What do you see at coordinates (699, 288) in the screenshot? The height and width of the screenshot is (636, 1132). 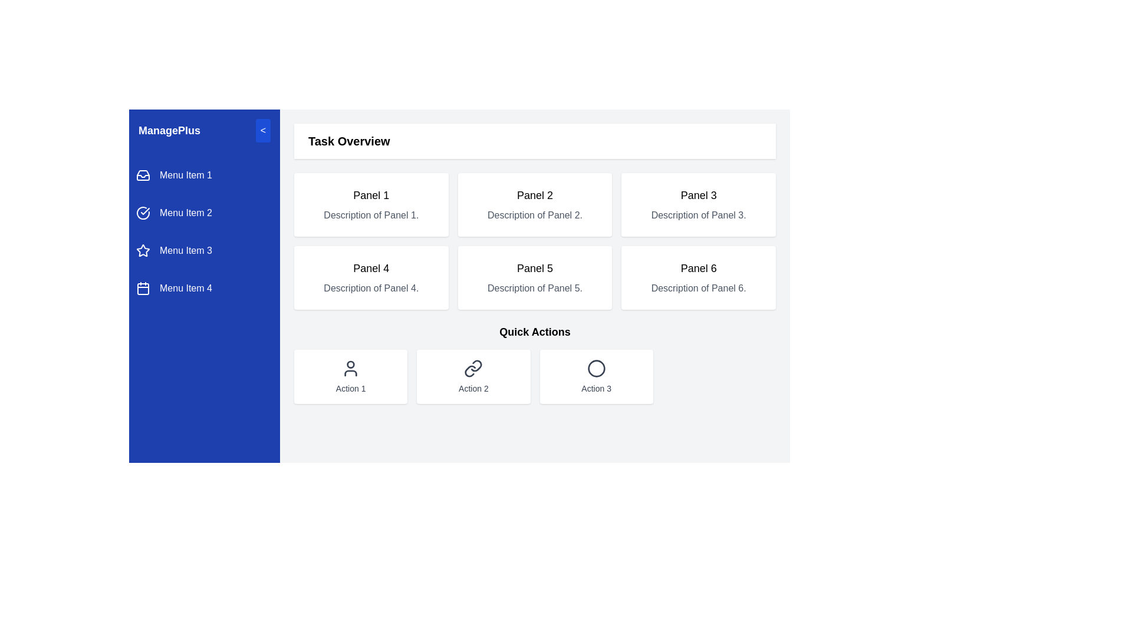 I see `the text component displaying 'Description of Panel 6.' in gray font, located below the heading 'Panel 6' in the bottom-right corner of the grid layout` at bounding box center [699, 288].